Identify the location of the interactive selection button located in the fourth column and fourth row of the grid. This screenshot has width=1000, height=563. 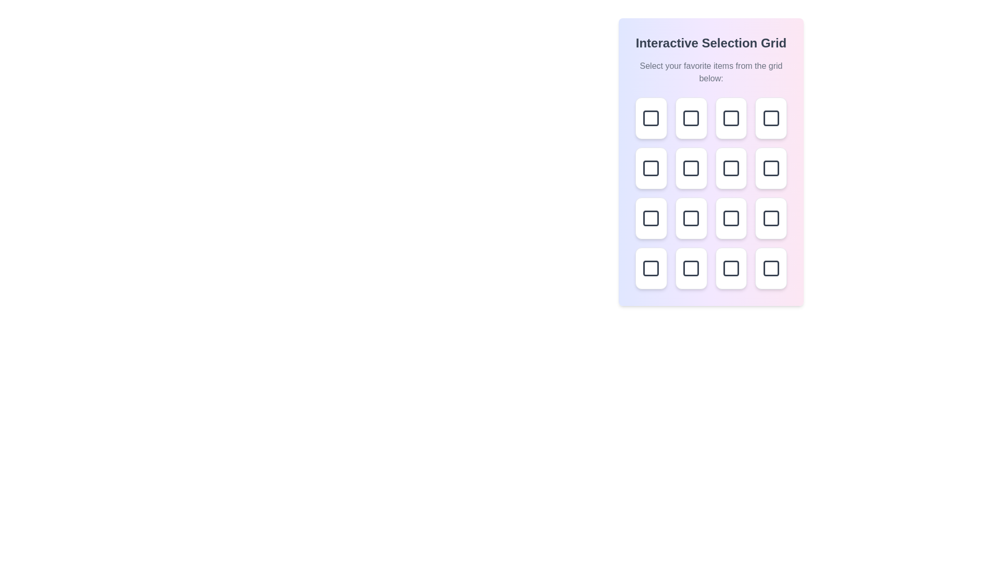
(771, 218).